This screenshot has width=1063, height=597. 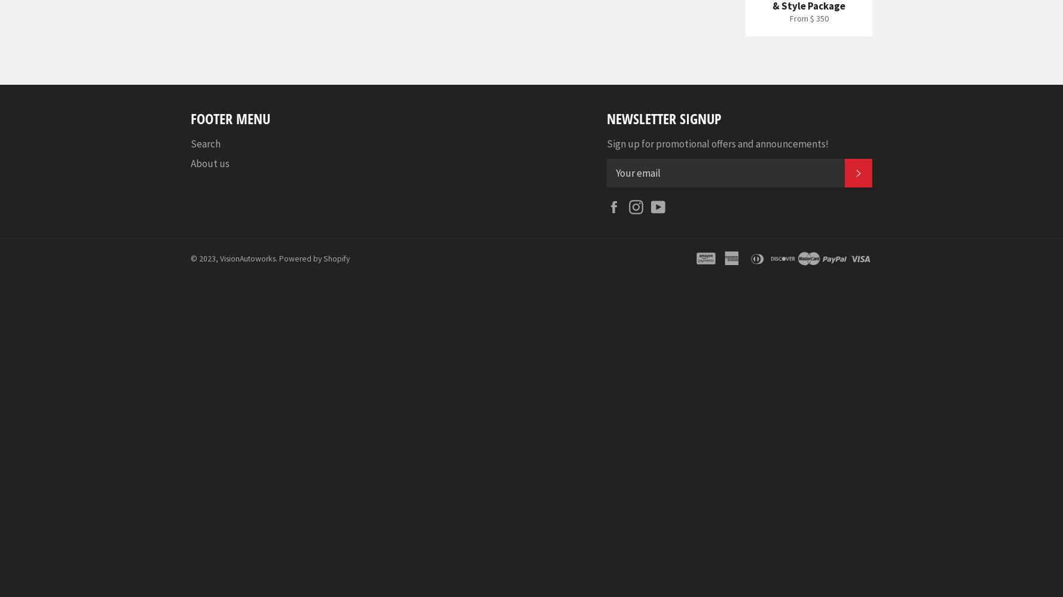 I want to click on '© 2023,', so click(x=204, y=258).